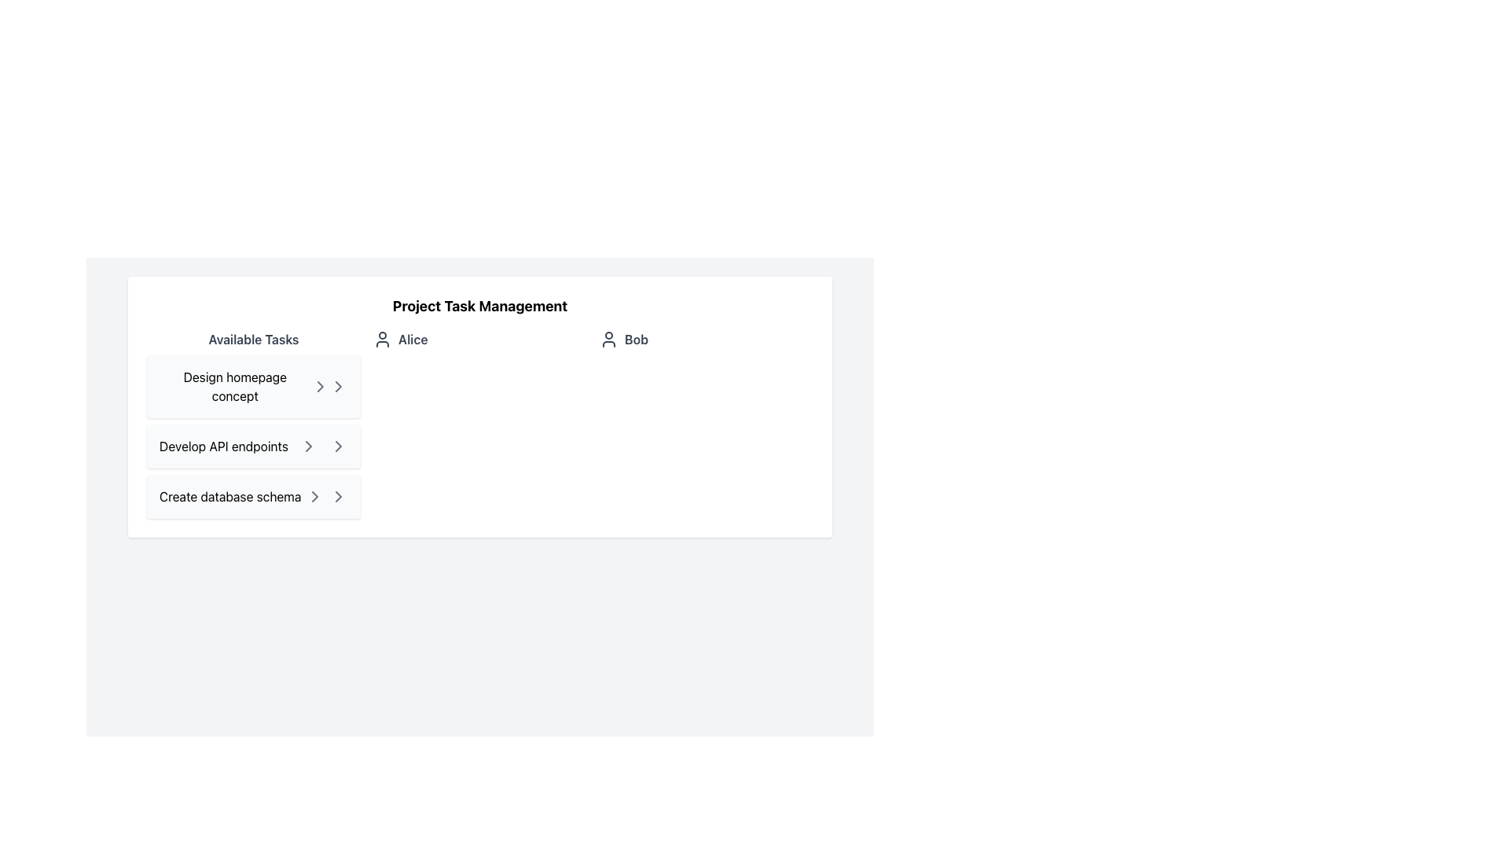 The height and width of the screenshot is (849, 1509). Describe the element at coordinates (253, 436) in the screenshot. I see `the task description text block that is the second item in the vertically stacked list under 'Available Tasks', positioned below 'Design homepage concept' and above 'Create database schema'` at that location.